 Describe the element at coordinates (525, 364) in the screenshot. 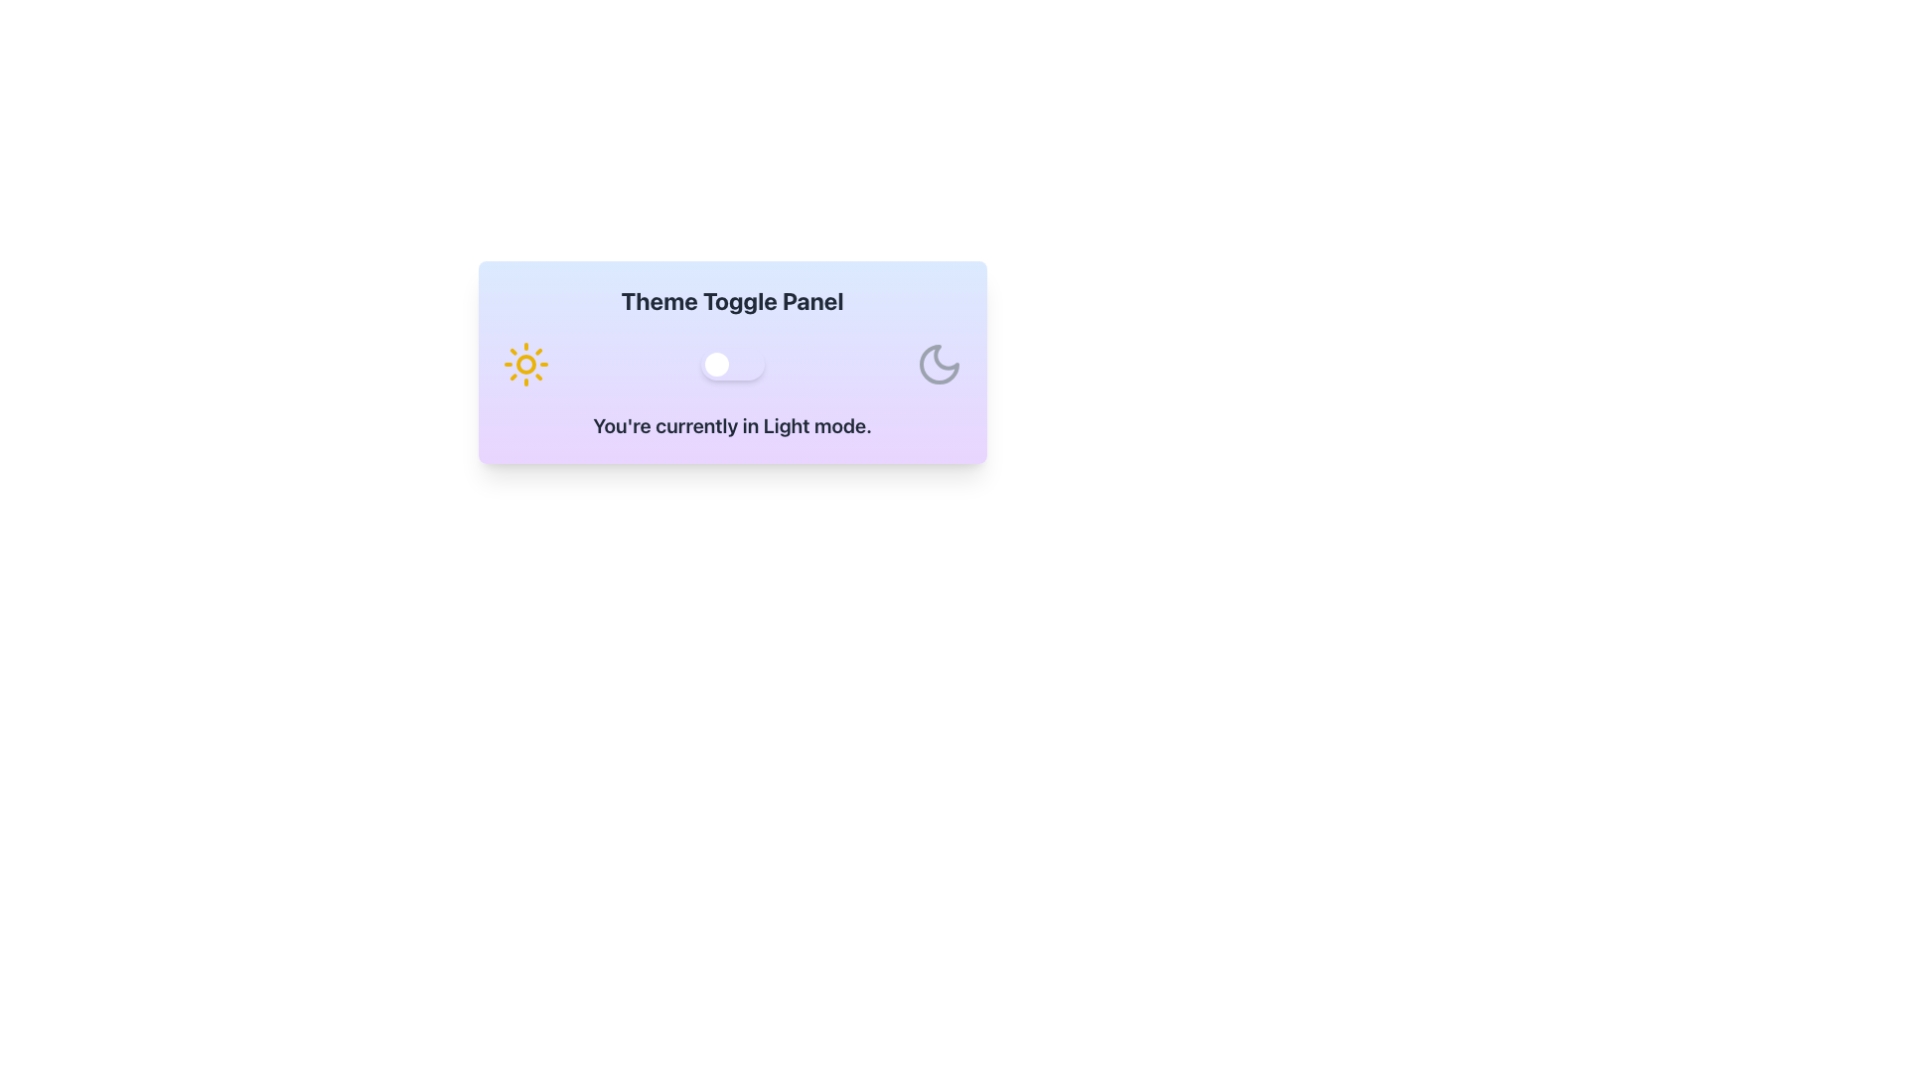

I see `the decorative circle at the center of the sun icon in the toggle panel, which signifies light or day mode` at that location.